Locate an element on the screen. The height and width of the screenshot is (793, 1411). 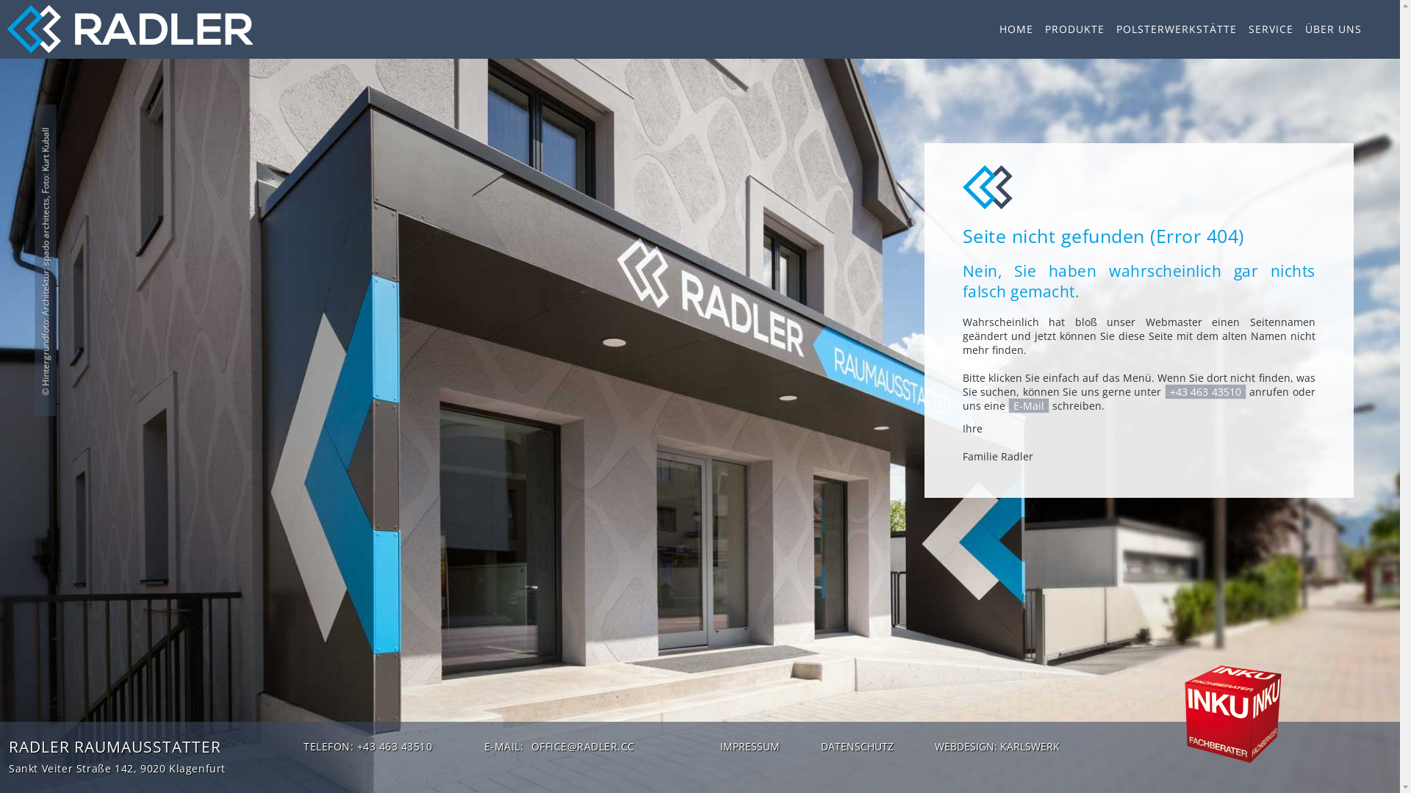
'TELEFON: +43 463 43510' is located at coordinates (367, 746).